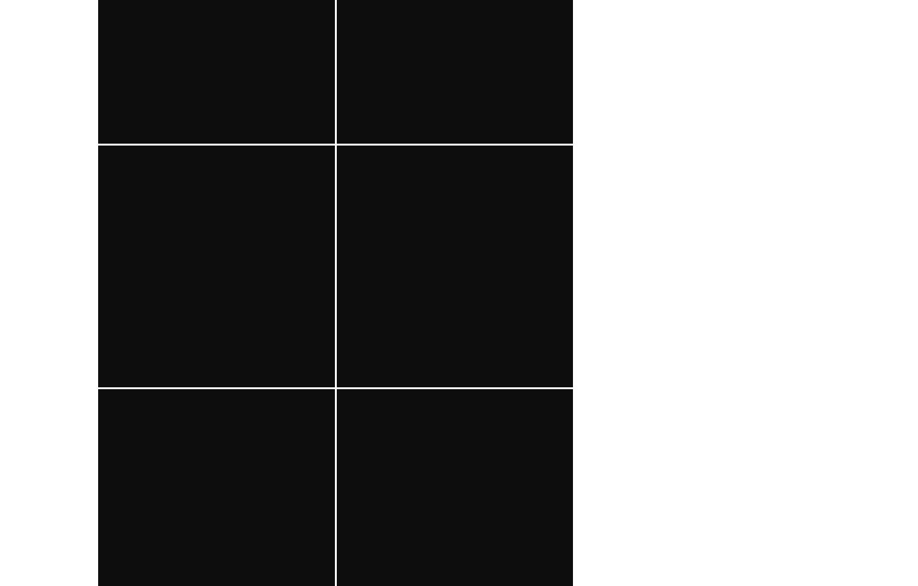  I want to click on 'Shoreworld: Denny Laine and Strawbs', so click(454, 182).